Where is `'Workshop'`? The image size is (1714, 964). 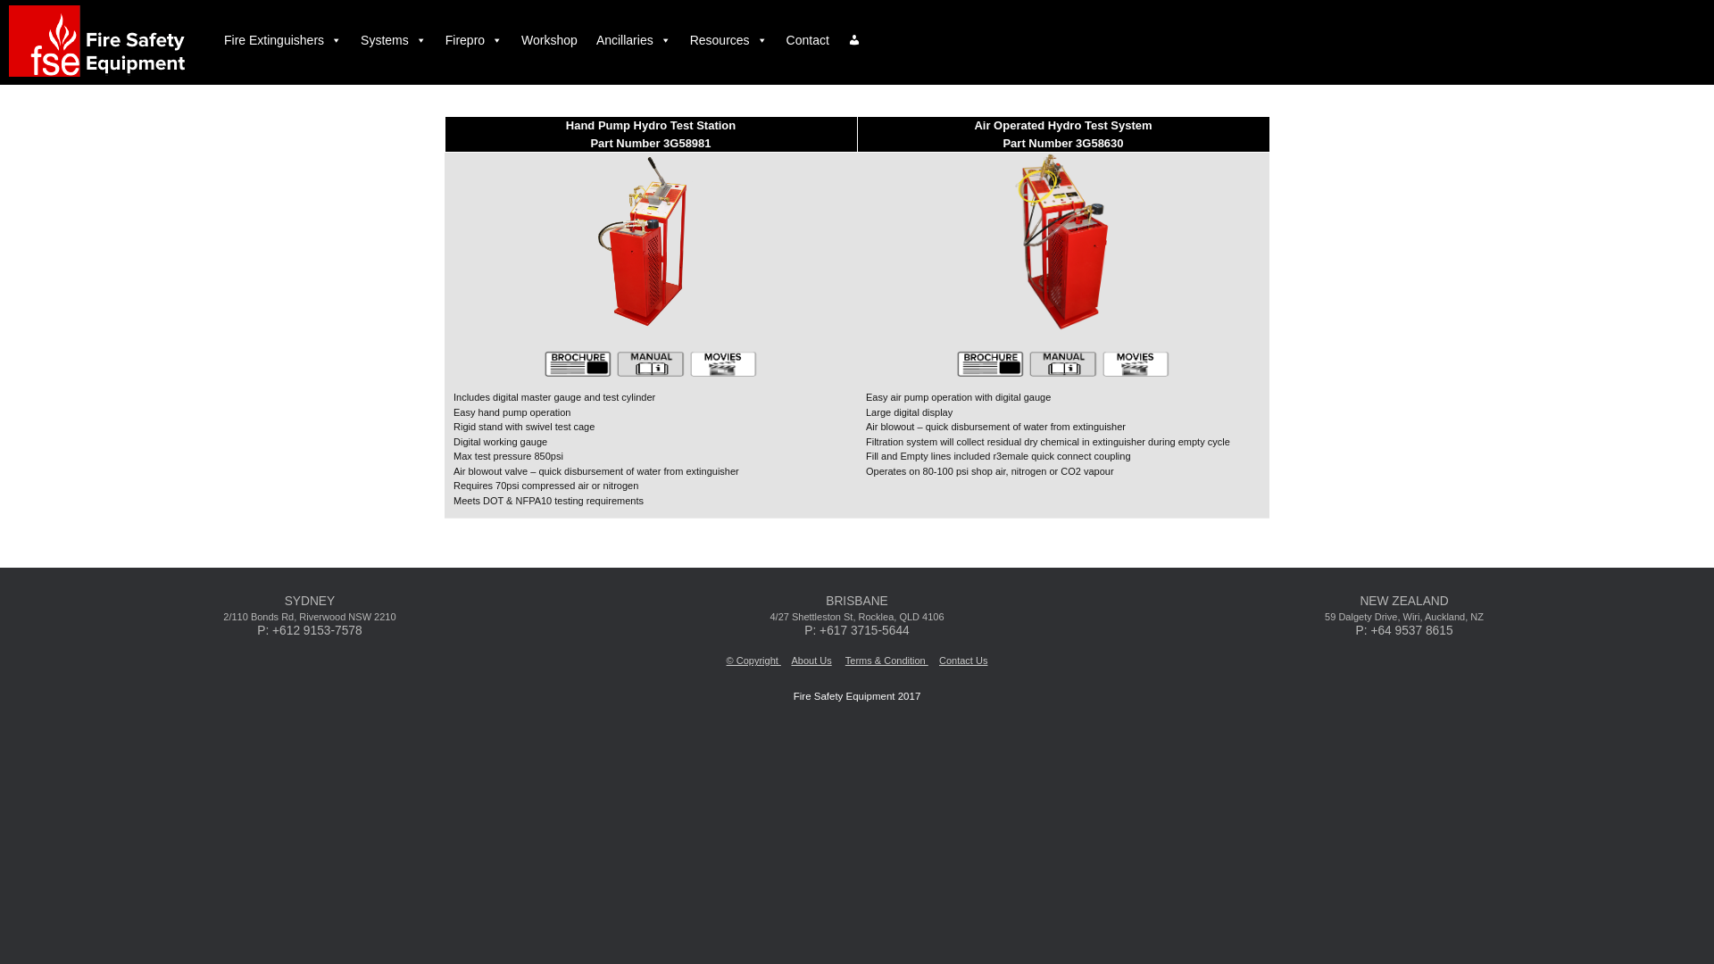
'Workshop' is located at coordinates (548, 40).